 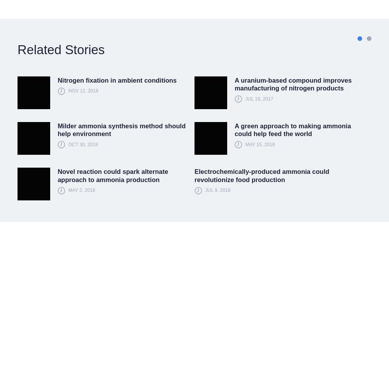 I want to click on 'A uranium-based compound improves manufacturing of nitrogen products', so click(x=293, y=83).